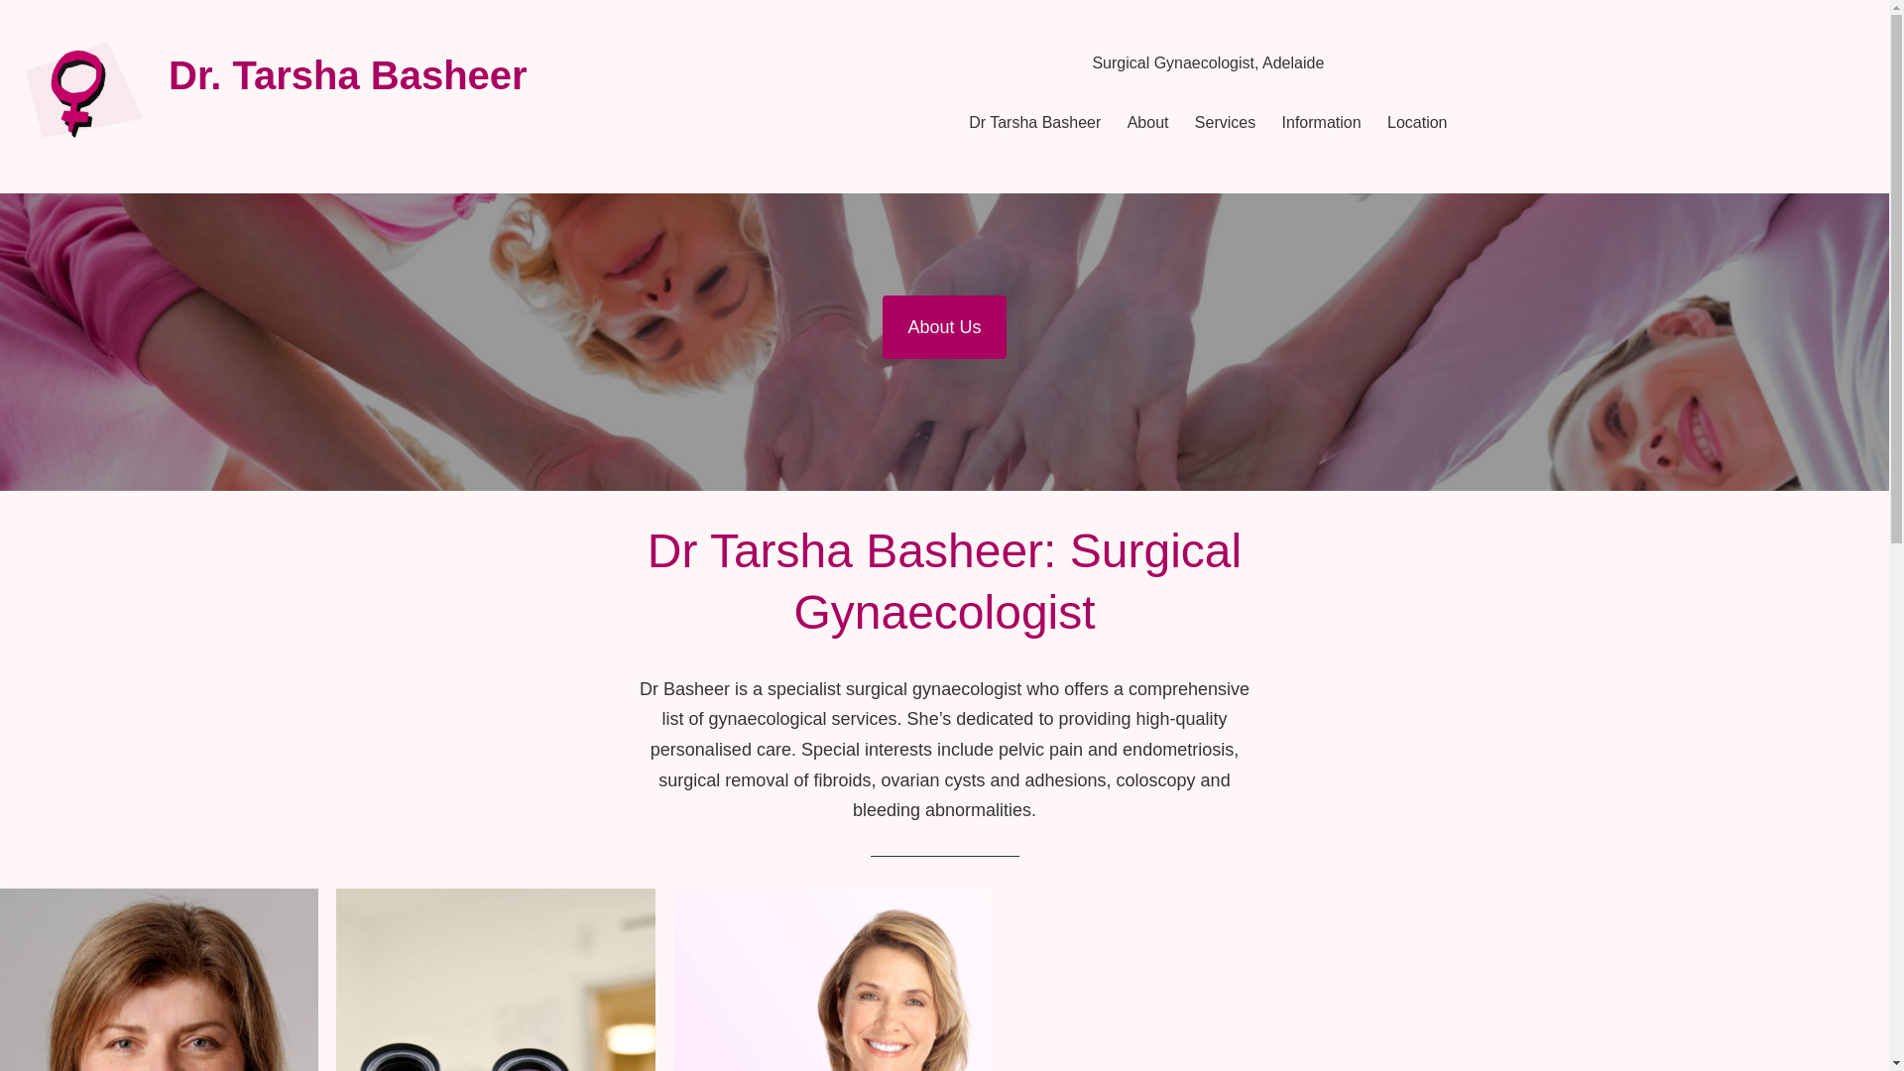 This screenshot has width=1904, height=1071. Describe the element at coordinates (1224, 122) in the screenshot. I see `'Services'` at that location.